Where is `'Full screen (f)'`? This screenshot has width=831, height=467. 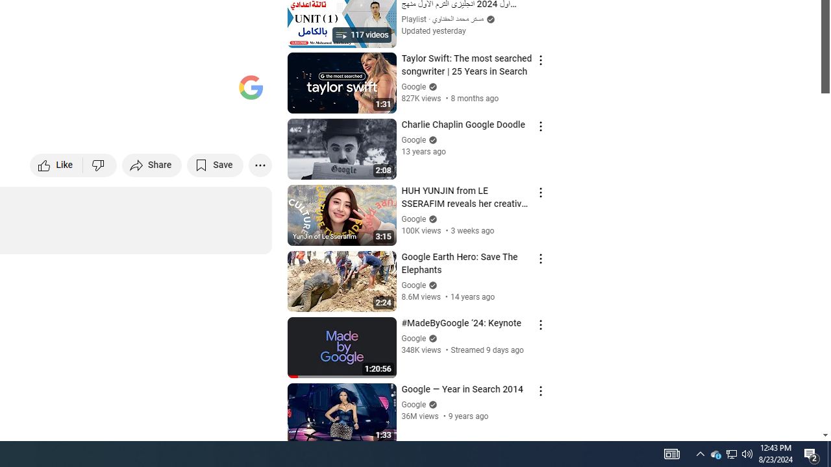 'Full screen (f)' is located at coordinates (248, 91).